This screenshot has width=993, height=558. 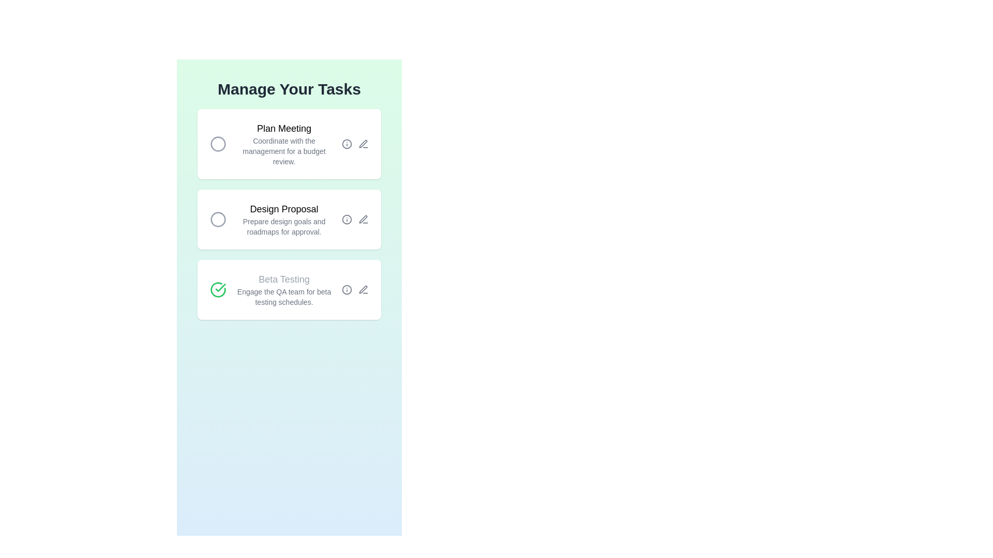 What do you see at coordinates (363, 289) in the screenshot?
I see `the edit button for the task titled Beta Testing` at bounding box center [363, 289].